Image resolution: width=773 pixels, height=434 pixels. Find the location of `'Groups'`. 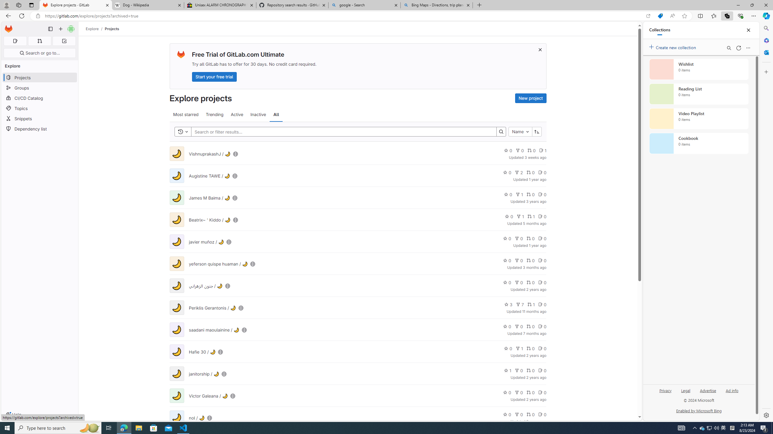

'Groups' is located at coordinates (39, 88).